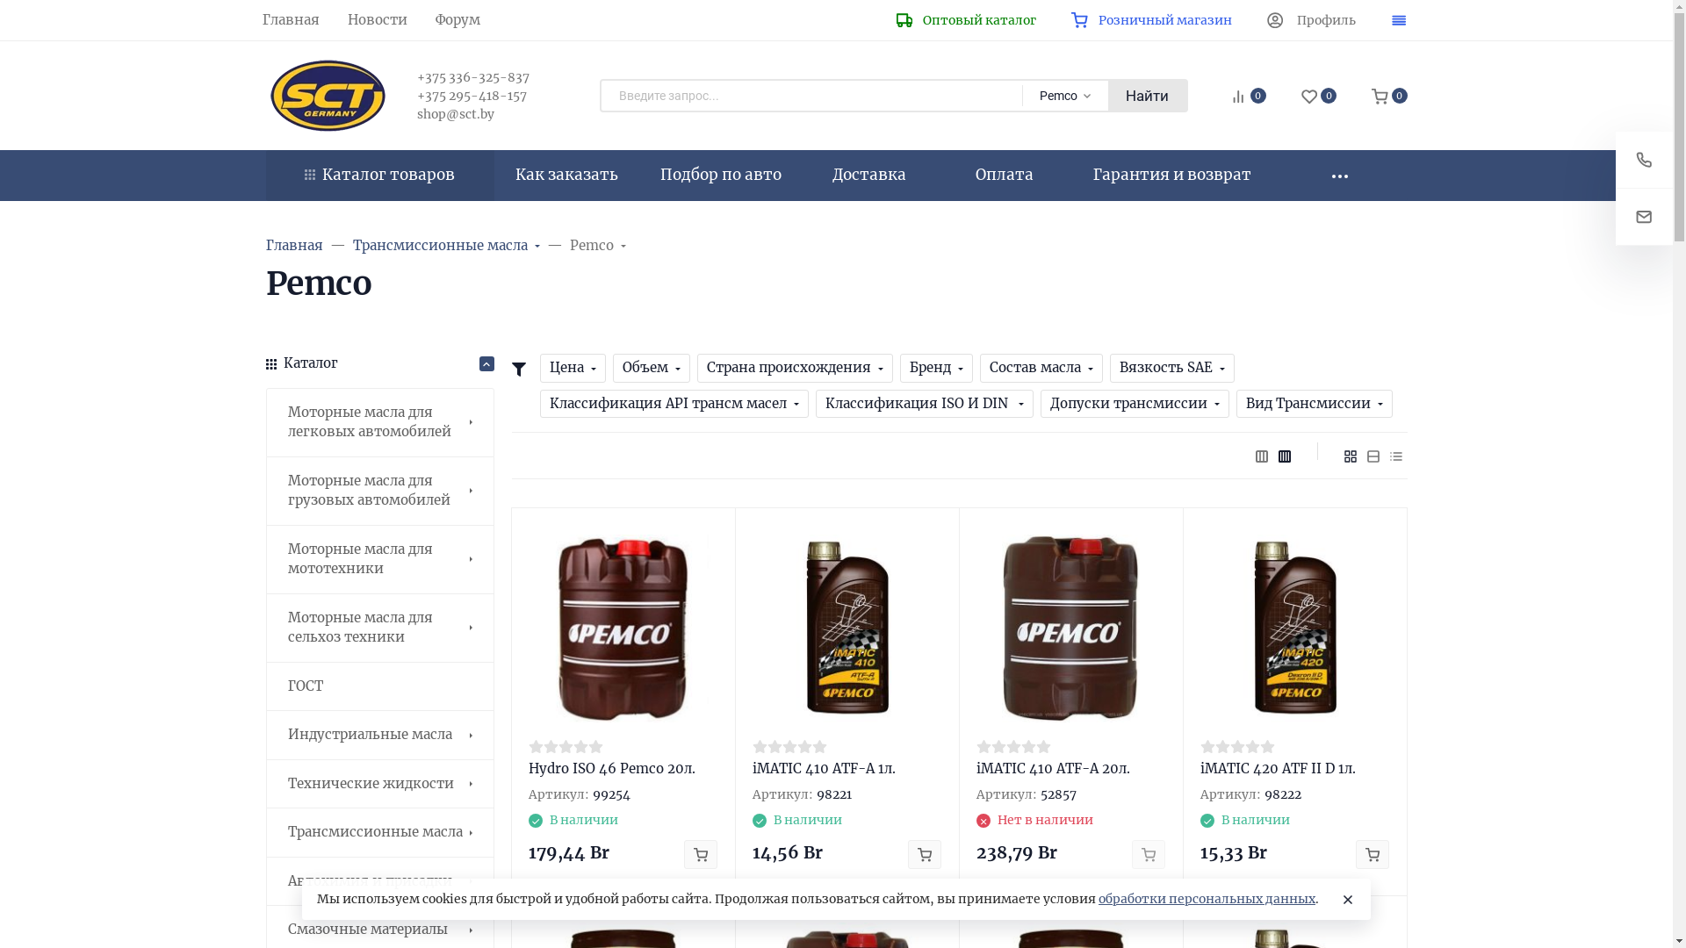 The width and height of the screenshot is (1686, 948). Describe the element at coordinates (569, 246) in the screenshot. I see `'Pemco'` at that location.